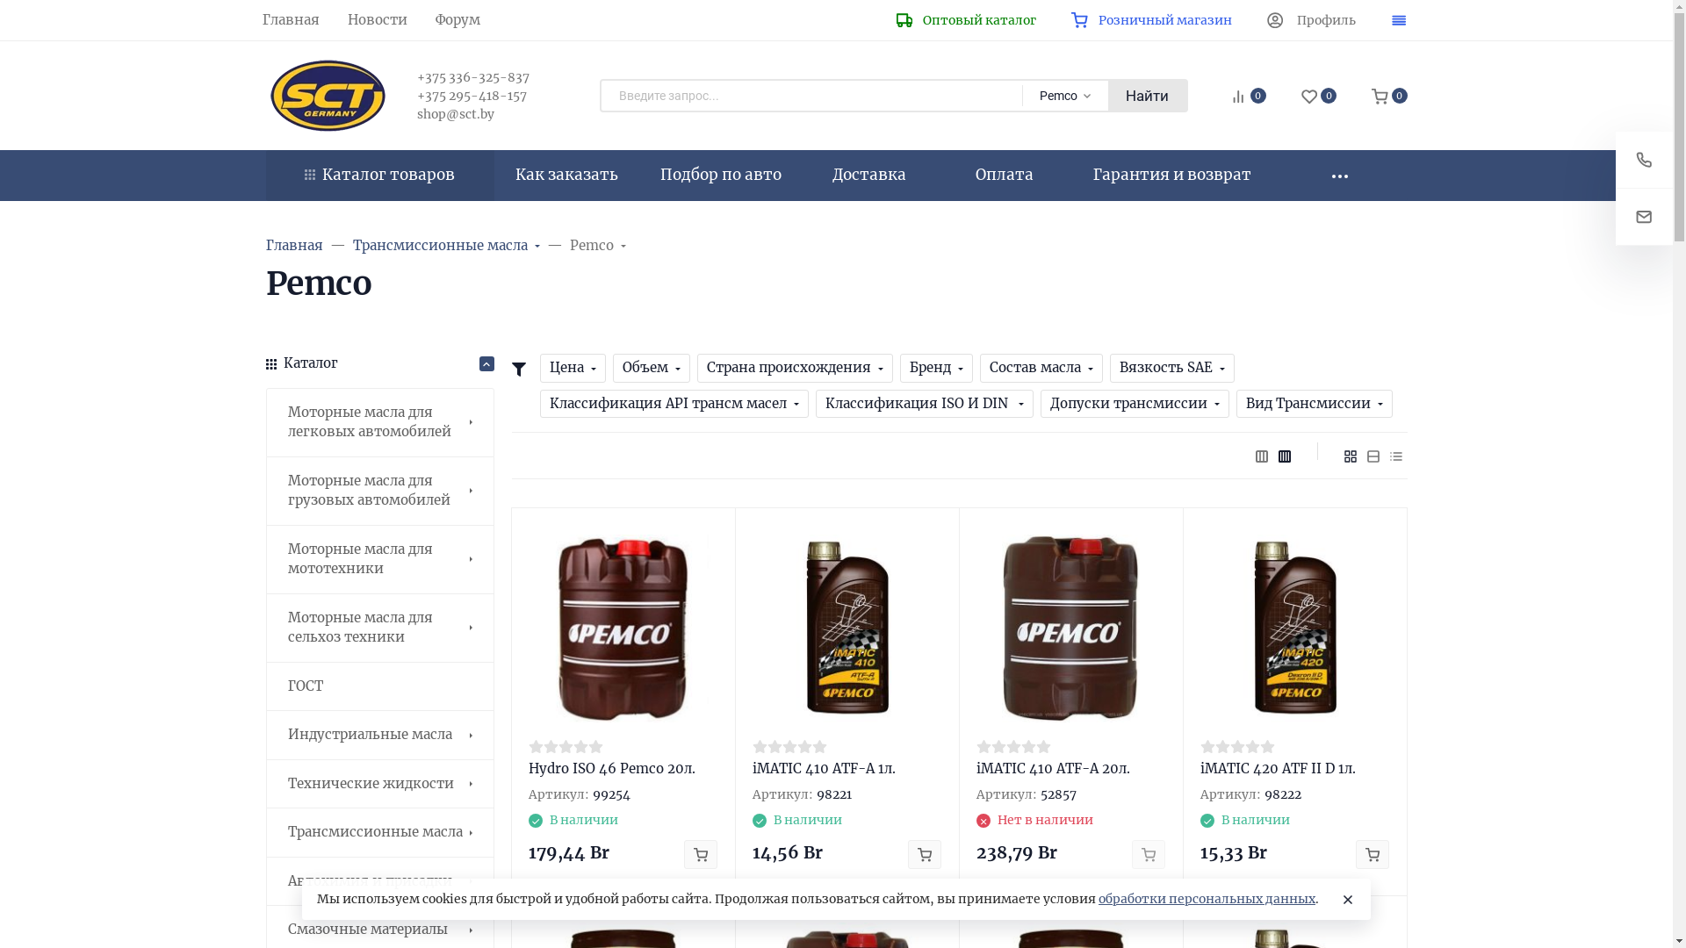 The width and height of the screenshot is (1686, 948). Describe the element at coordinates (569, 246) in the screenshot. I see `'Pemco'` at that location.